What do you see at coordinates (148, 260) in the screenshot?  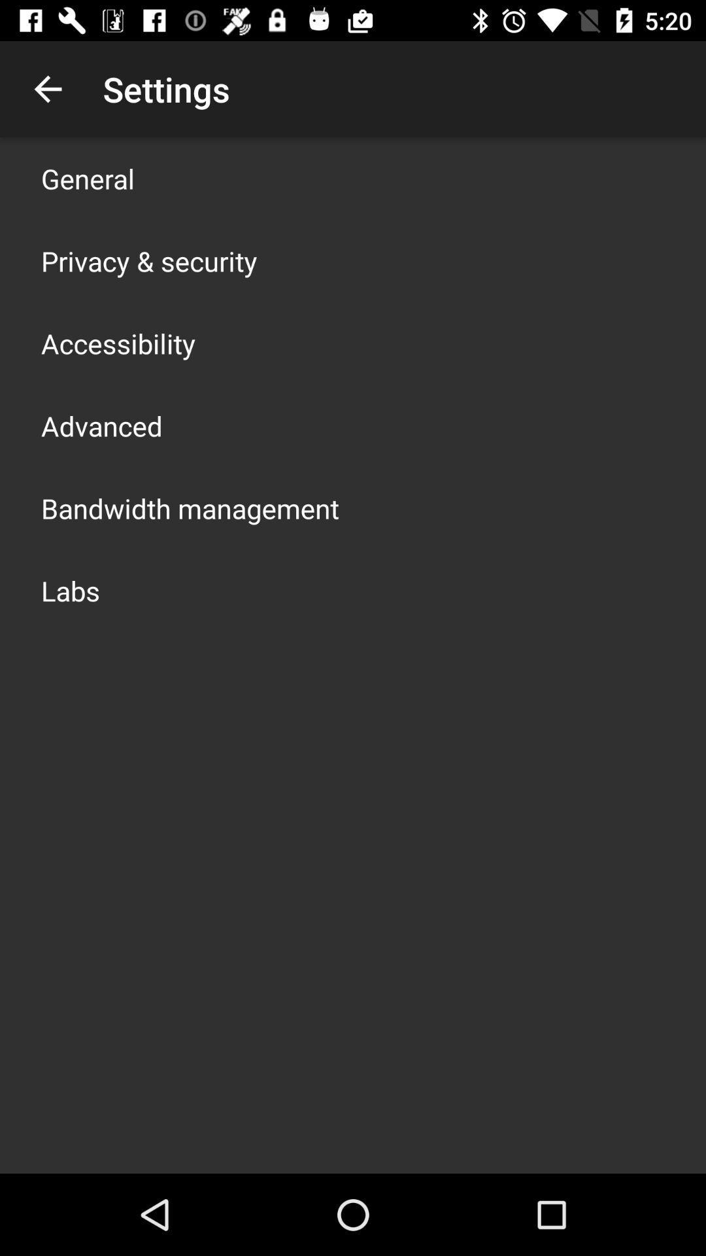 I see `item below general app` at bounding box center [148, 260].